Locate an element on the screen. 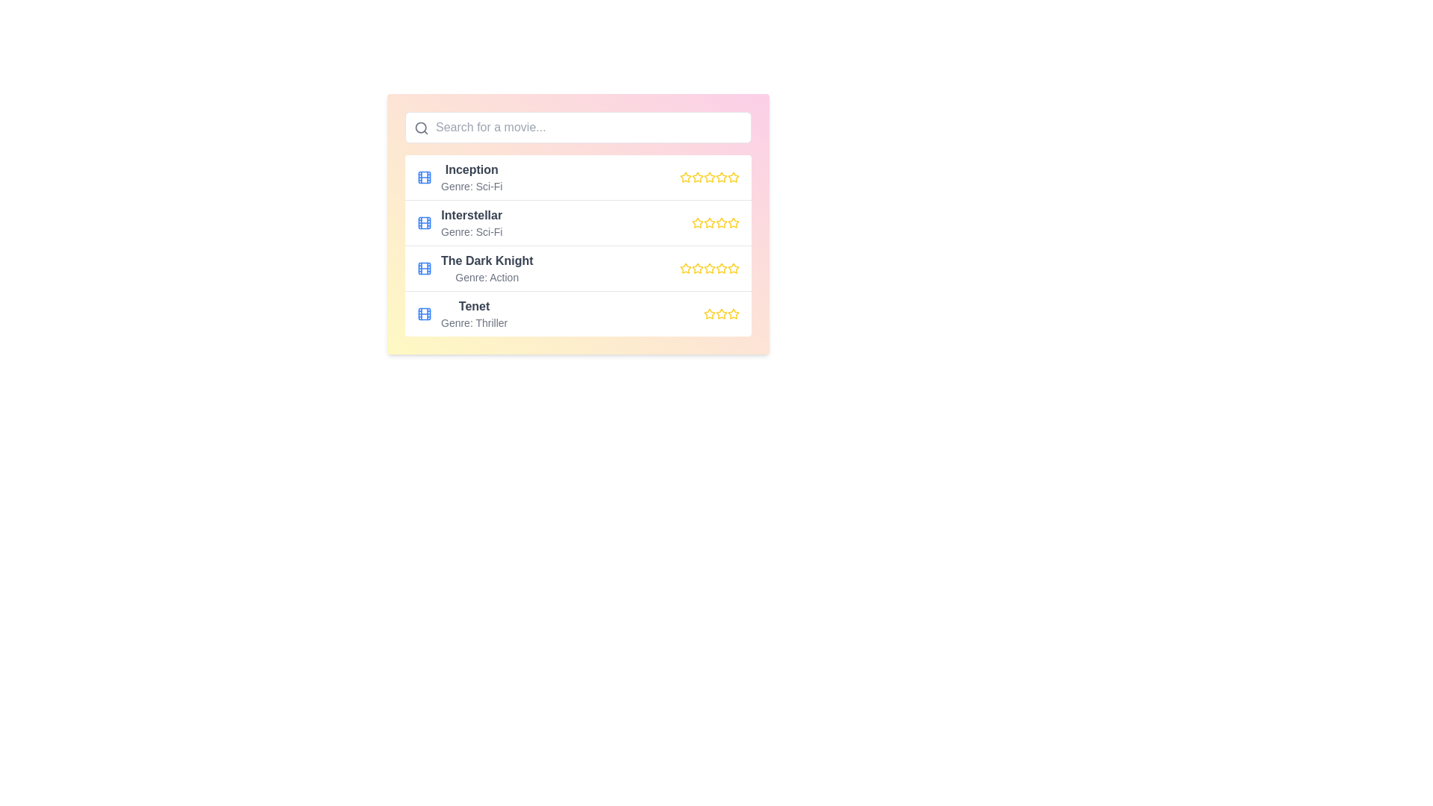 Image resolution: width=1433 pixels, height=806 pixels. the text display with an icon that shows information about the movie 'The Dark Knight' is located at coordinates (474, 267).